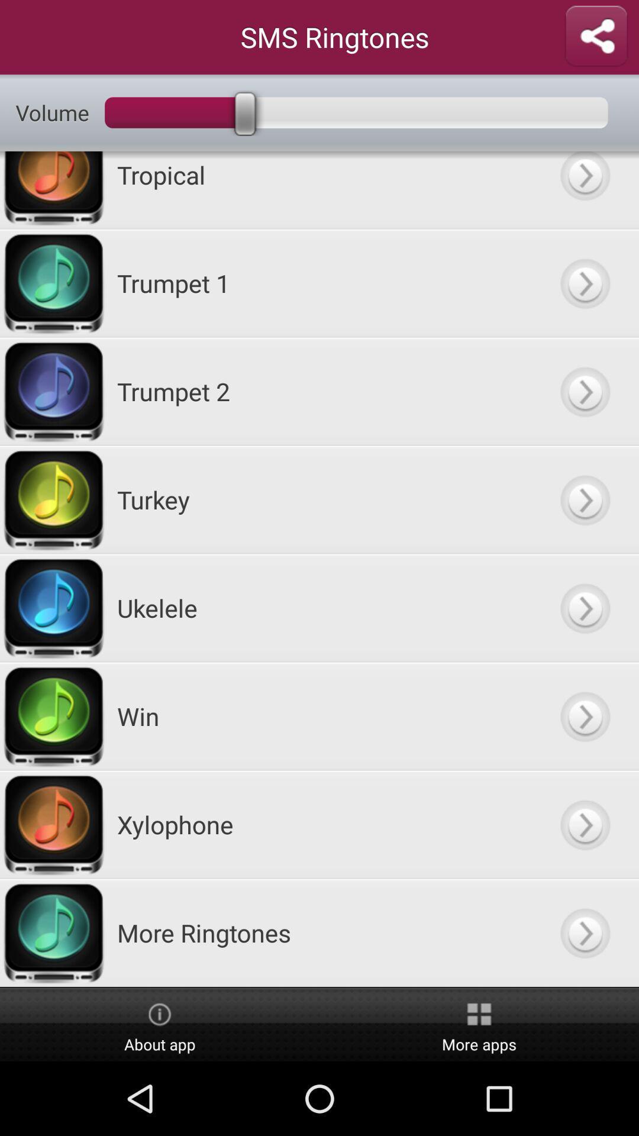  I want to click on next, so click(584, 608).